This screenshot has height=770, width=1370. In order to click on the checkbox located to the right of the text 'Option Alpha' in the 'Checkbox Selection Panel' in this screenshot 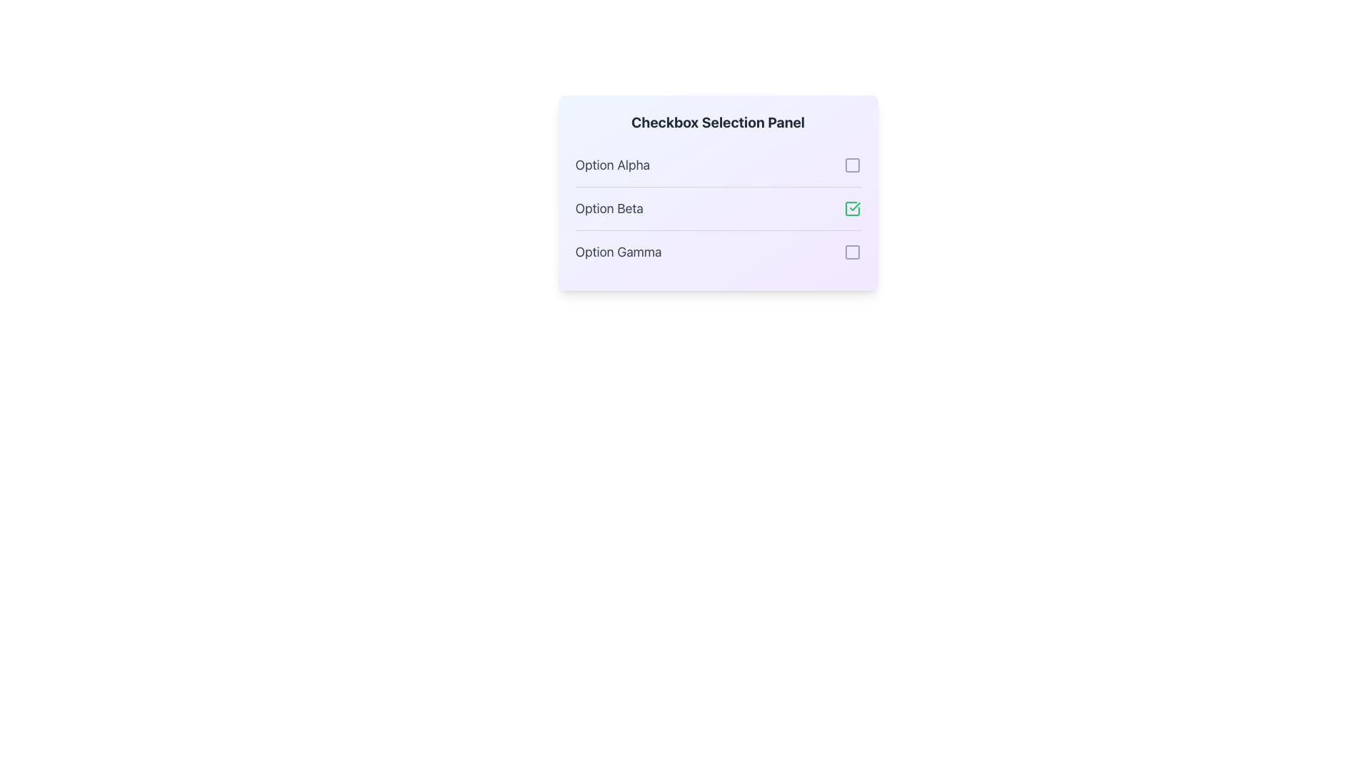, I will do `click(852, 164)`.